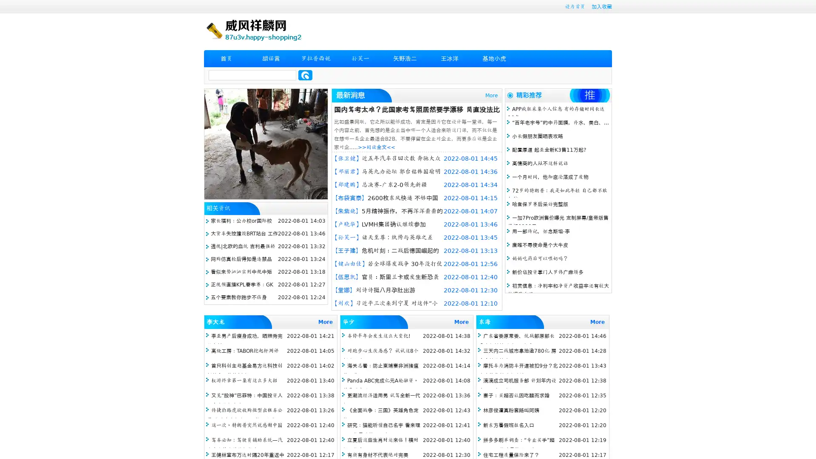 This screenshot has width=816, height=459. I want to click on Search, so click(305, 75).